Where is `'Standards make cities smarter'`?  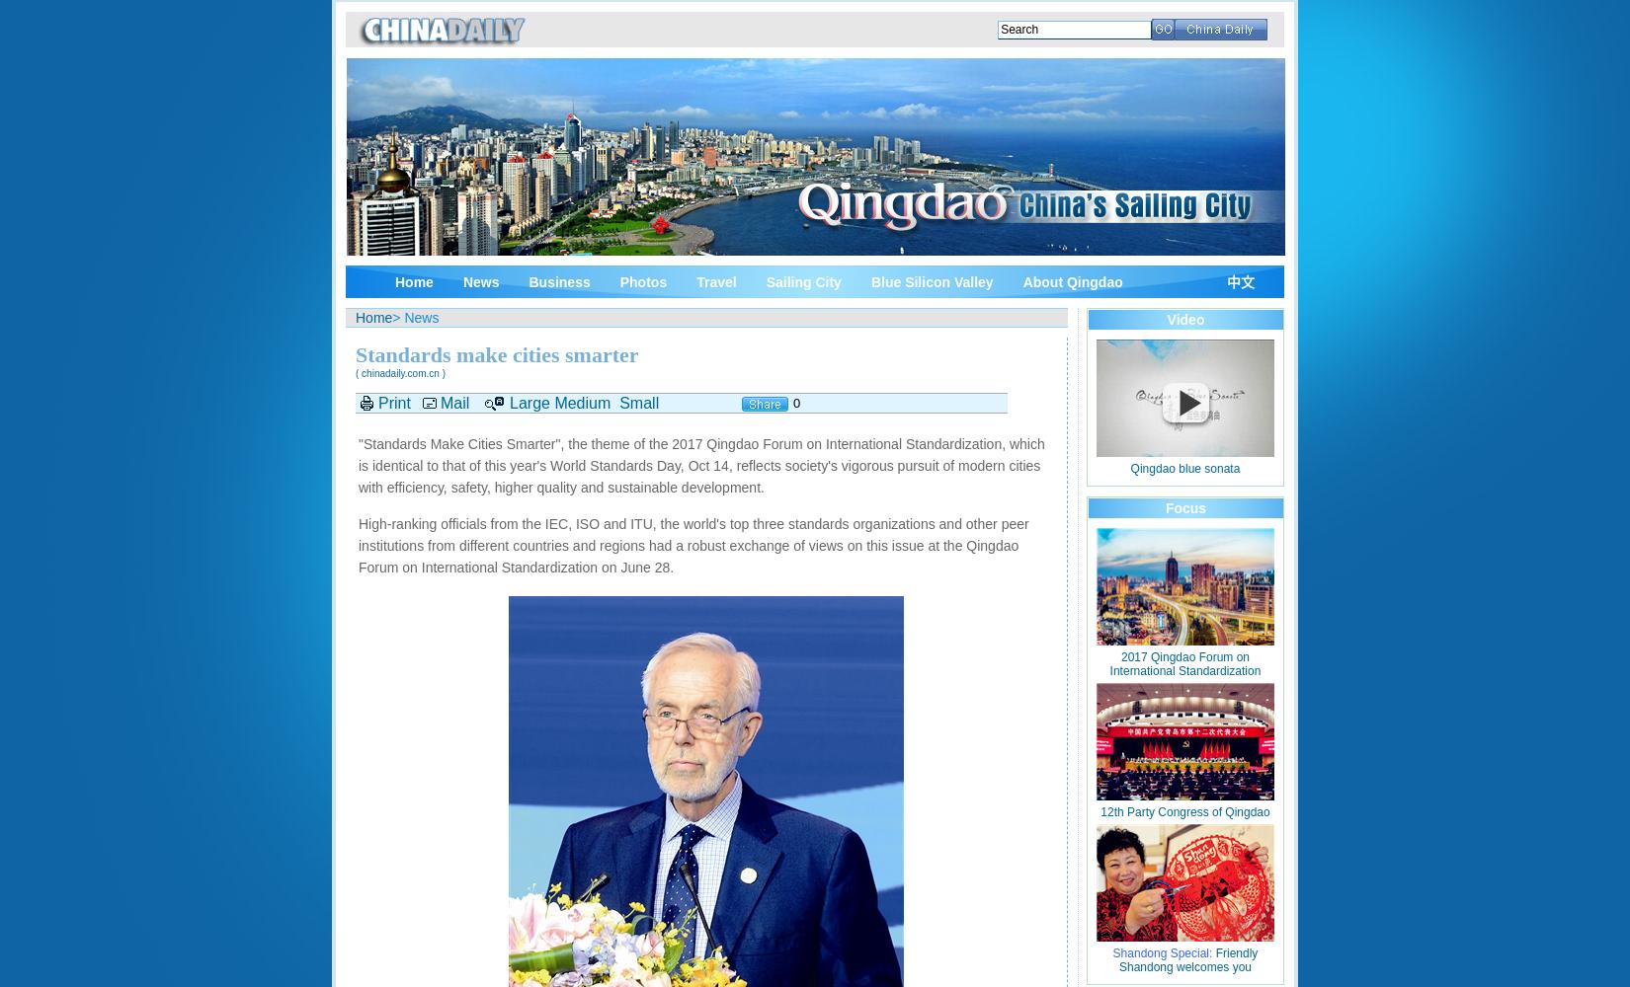 'Standards make cities smarter' is located at coordinates (495, 353).